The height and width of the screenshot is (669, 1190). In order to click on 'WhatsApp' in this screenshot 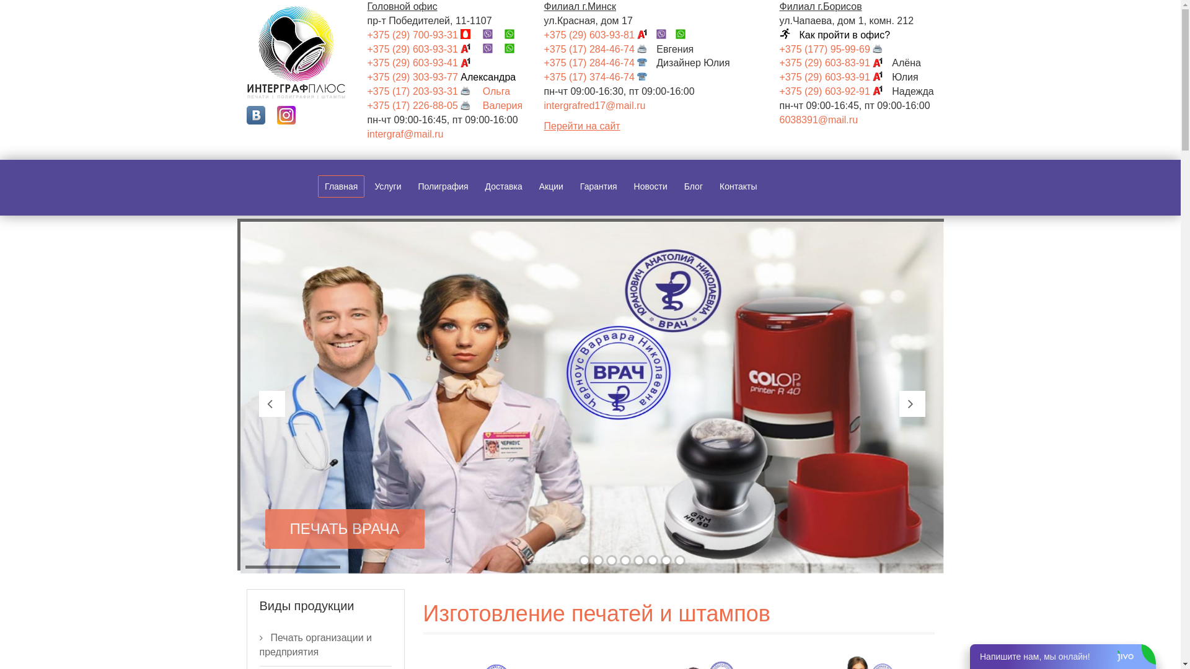, I will do `click(514, 48)`.